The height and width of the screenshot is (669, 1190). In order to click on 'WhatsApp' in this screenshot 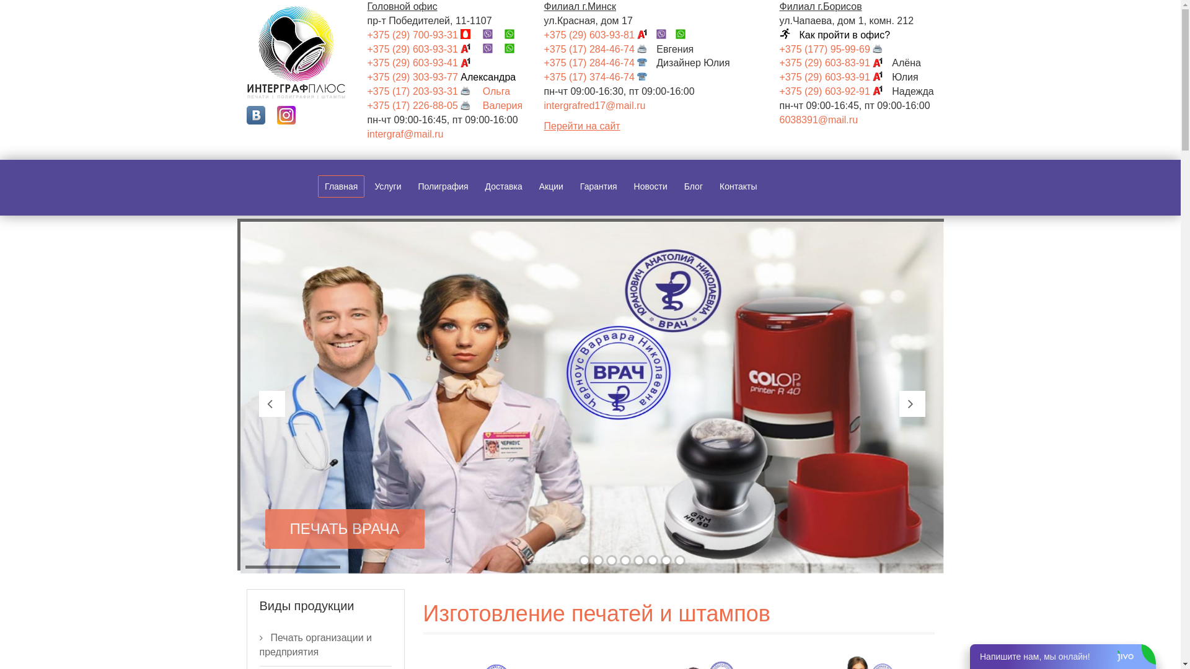, I will do `click(514, 48)`.